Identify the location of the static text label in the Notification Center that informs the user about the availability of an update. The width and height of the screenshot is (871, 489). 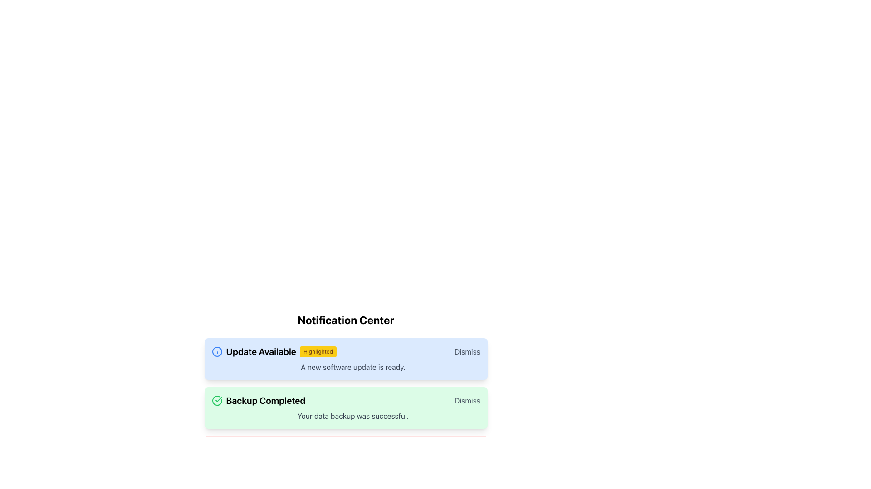
(260, 351).